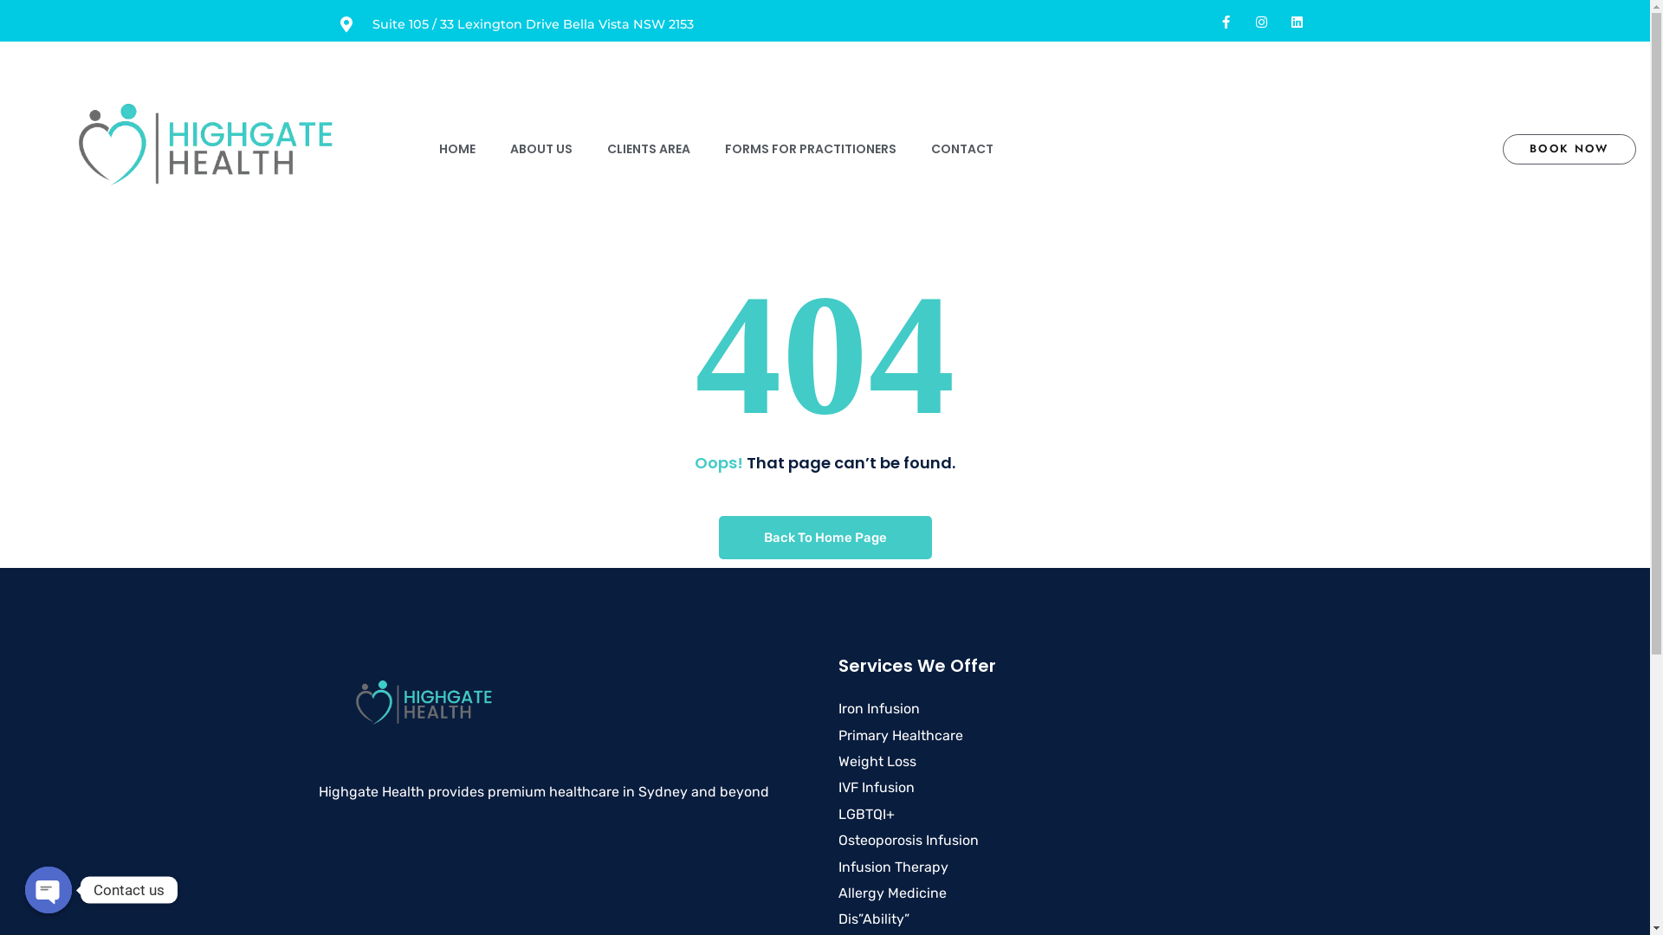 The image size is (1663, 935). Describe the element at coordinates (908, 839) in the screenshot. I see `'Osteoporosis Infusion'` at that location.